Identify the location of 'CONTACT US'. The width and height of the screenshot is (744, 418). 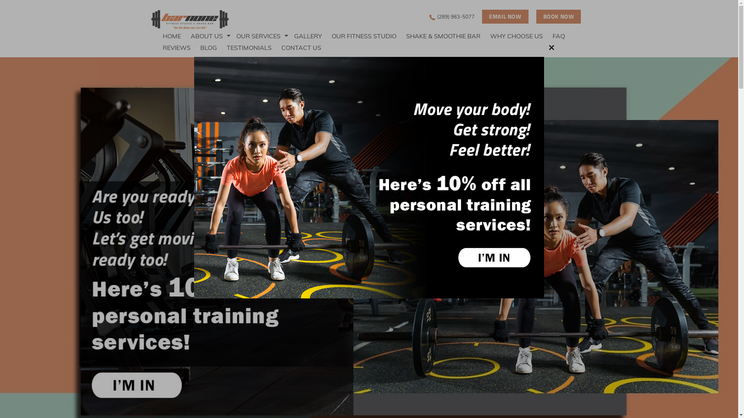
(306, 48).